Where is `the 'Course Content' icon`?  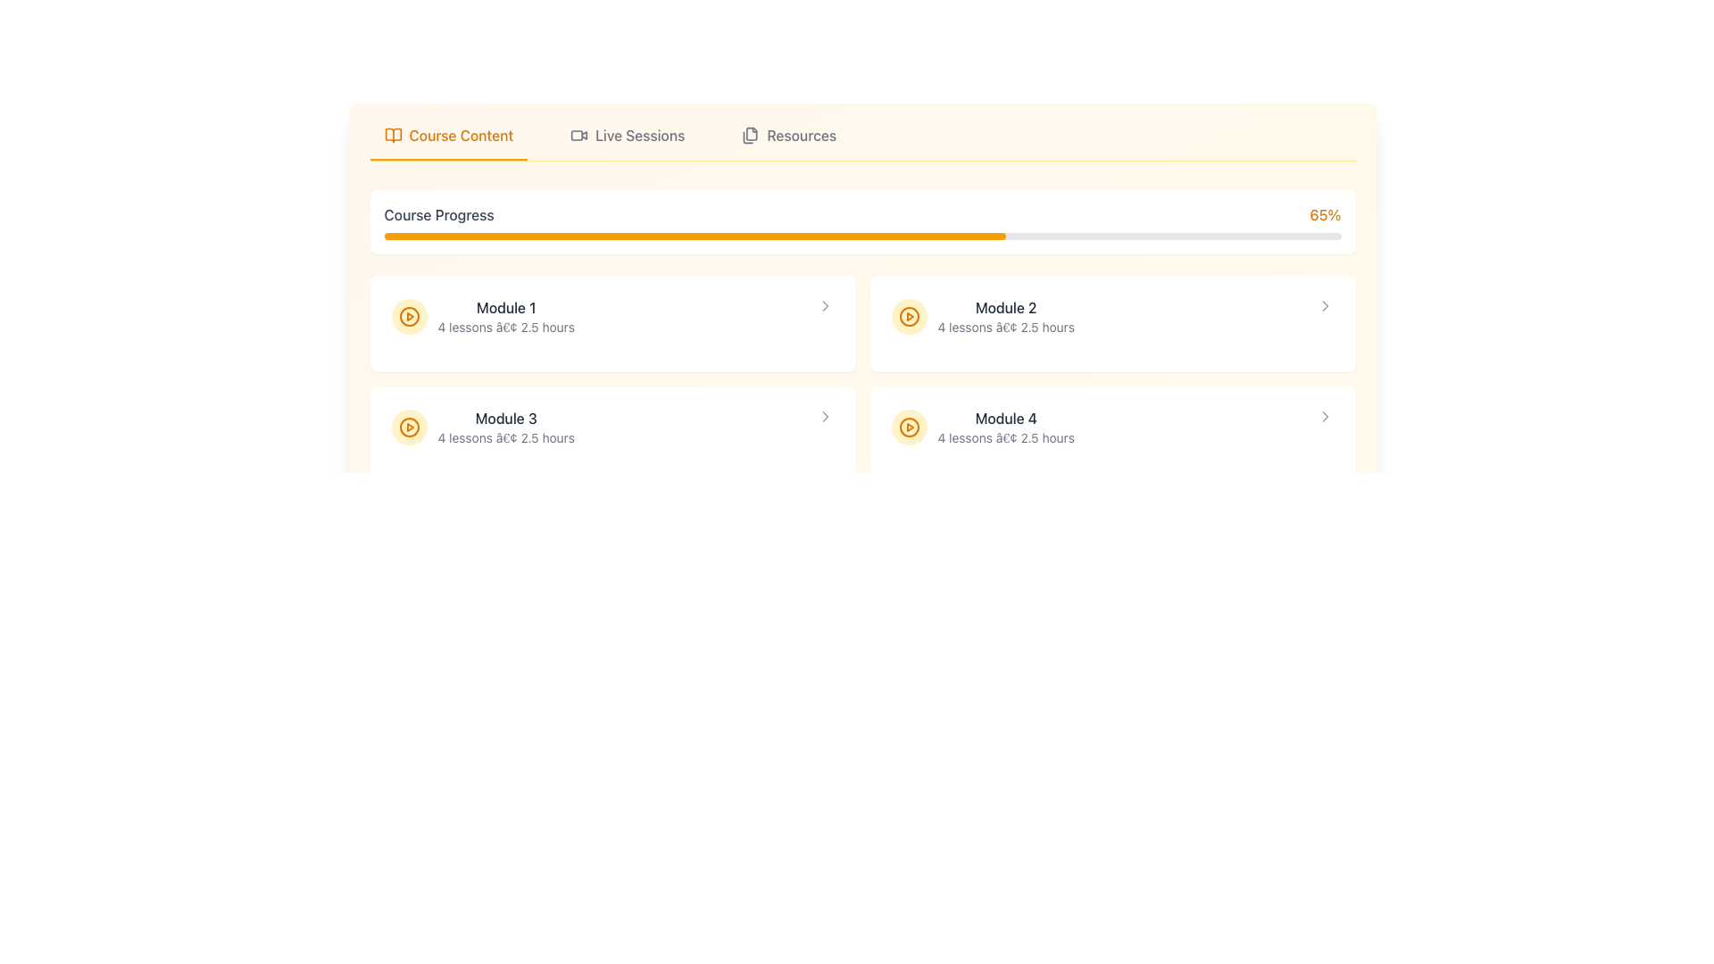 the 'Course Content' icon is located at coordinates (392, 134).